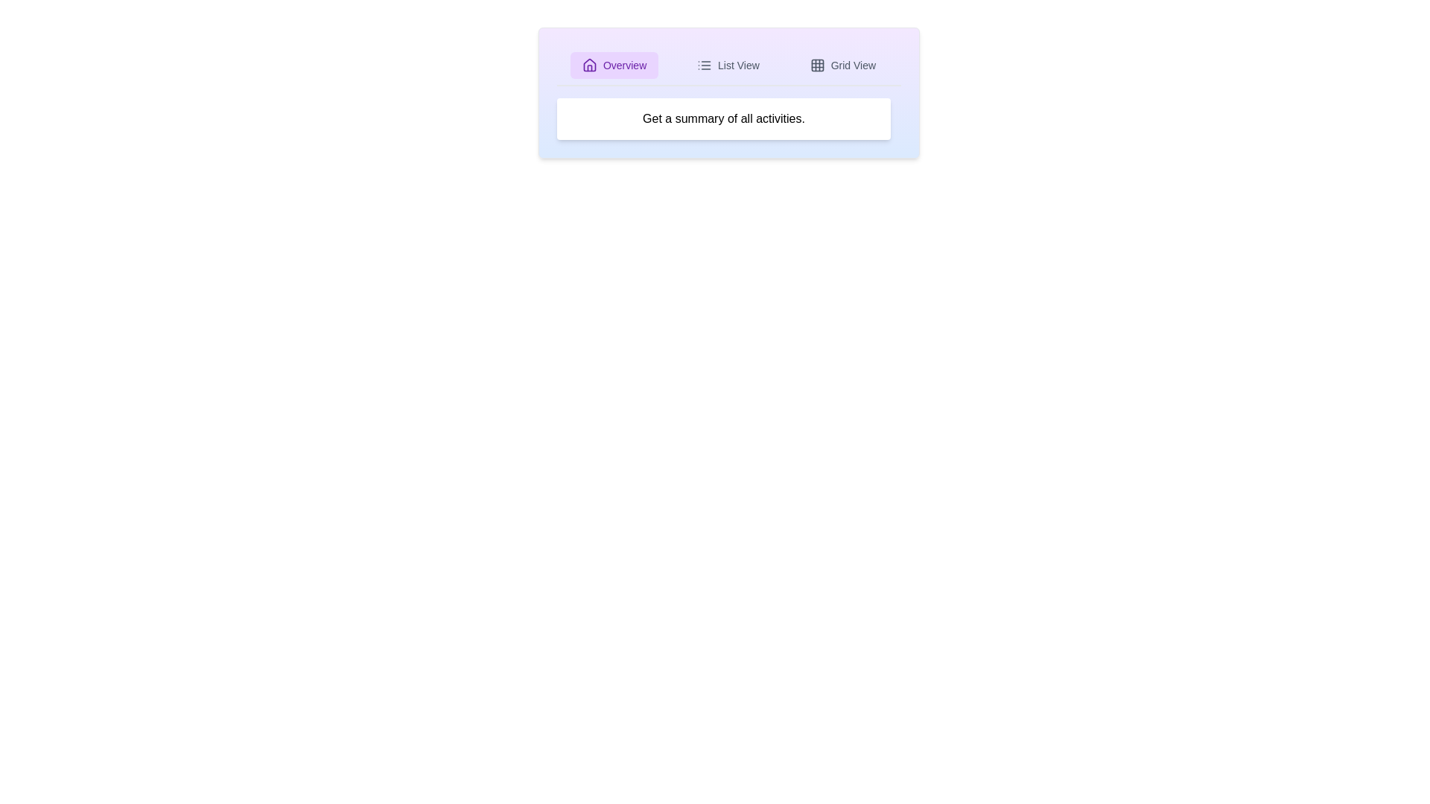 This screenshot has width=1430, height=804. I want to click on the tab Grid View to observe the hover effect, so click(843, 65).